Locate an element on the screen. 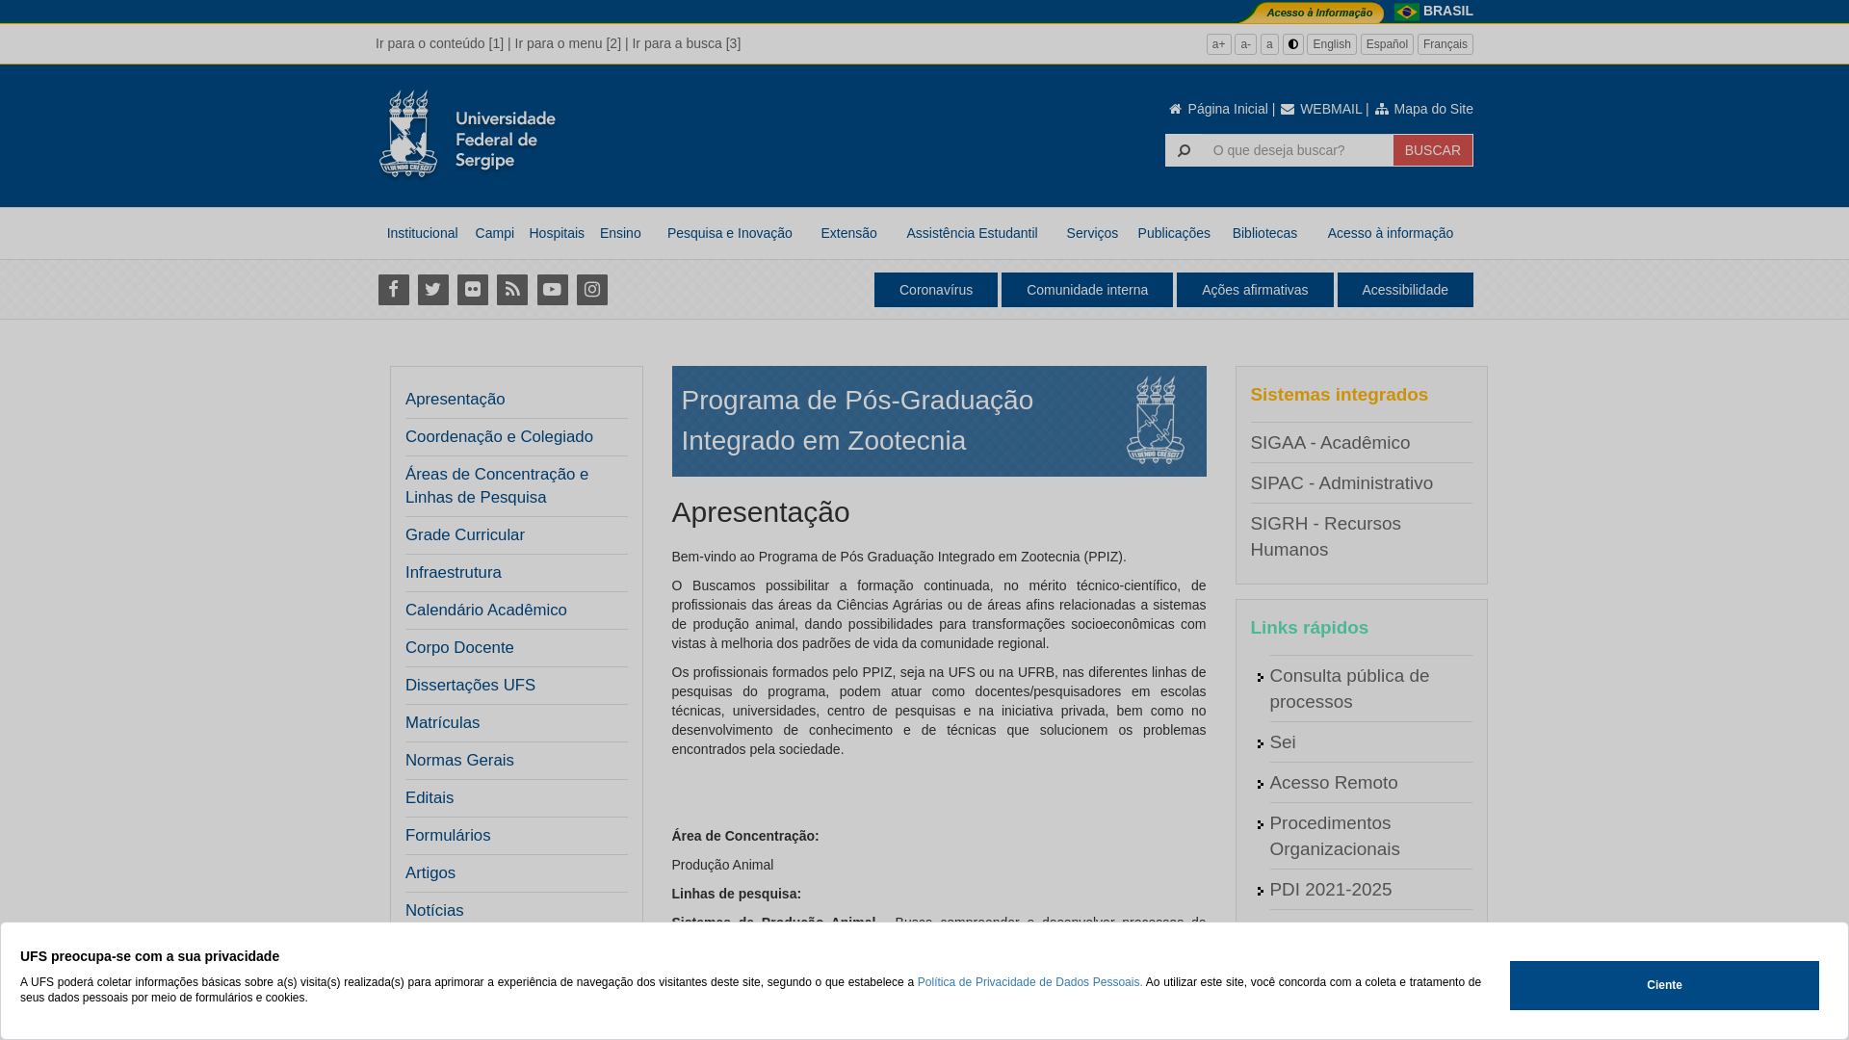 The height and width of the screenshot is (1040, 1849). 'Institucional' is located at coordinates (375, 232).